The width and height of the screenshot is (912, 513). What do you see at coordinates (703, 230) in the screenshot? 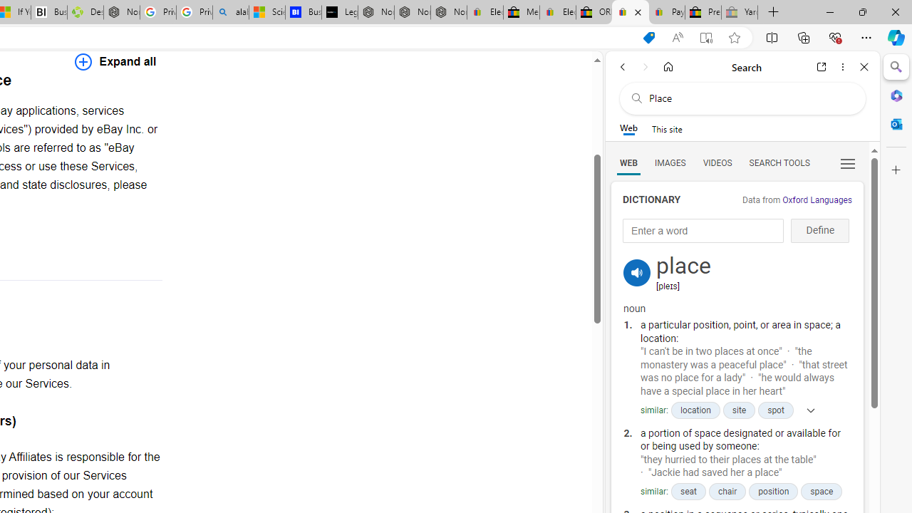
I see `'Enter a word'` at bounding box center [703, 230].